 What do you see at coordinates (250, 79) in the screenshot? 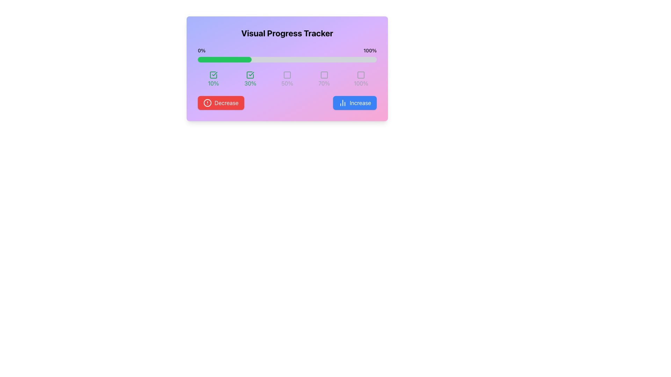
I see `the checkbox of the green progress indicator showing '30%' to interact with it` at bounding box center [250, 79].